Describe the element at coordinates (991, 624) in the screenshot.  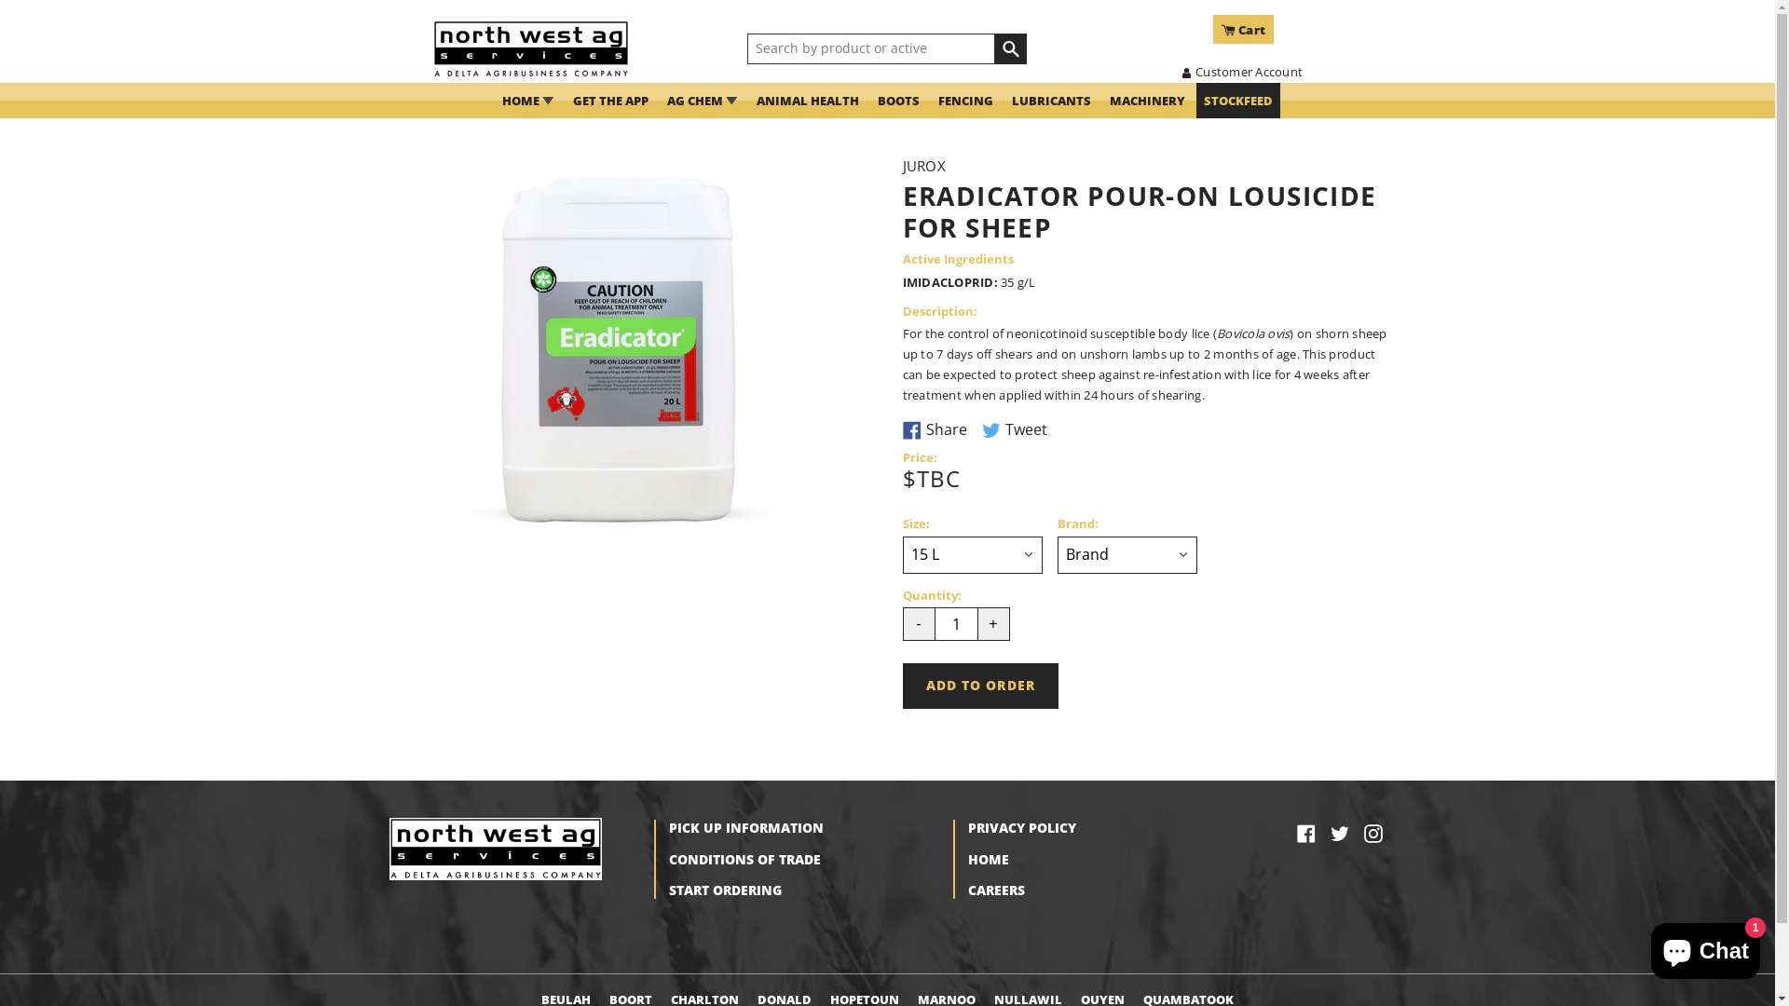
I see `'+'` at that location.